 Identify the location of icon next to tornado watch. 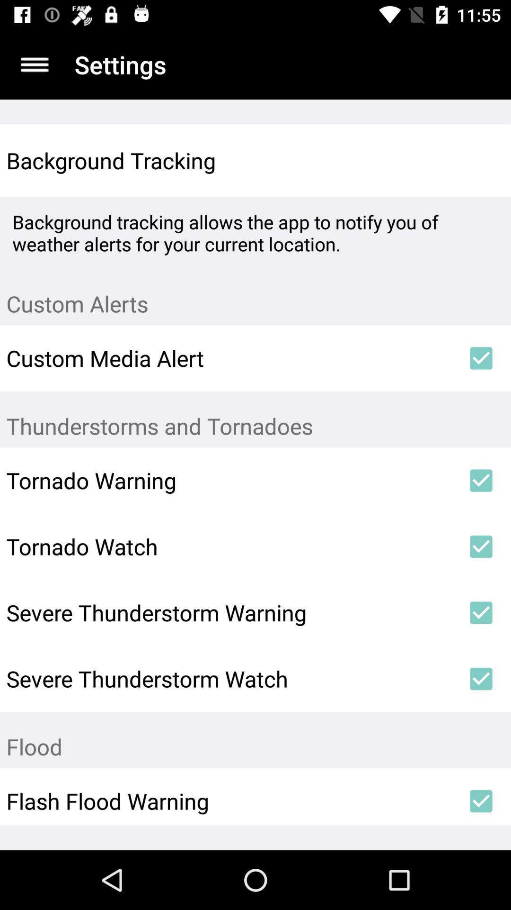
(481, 546).